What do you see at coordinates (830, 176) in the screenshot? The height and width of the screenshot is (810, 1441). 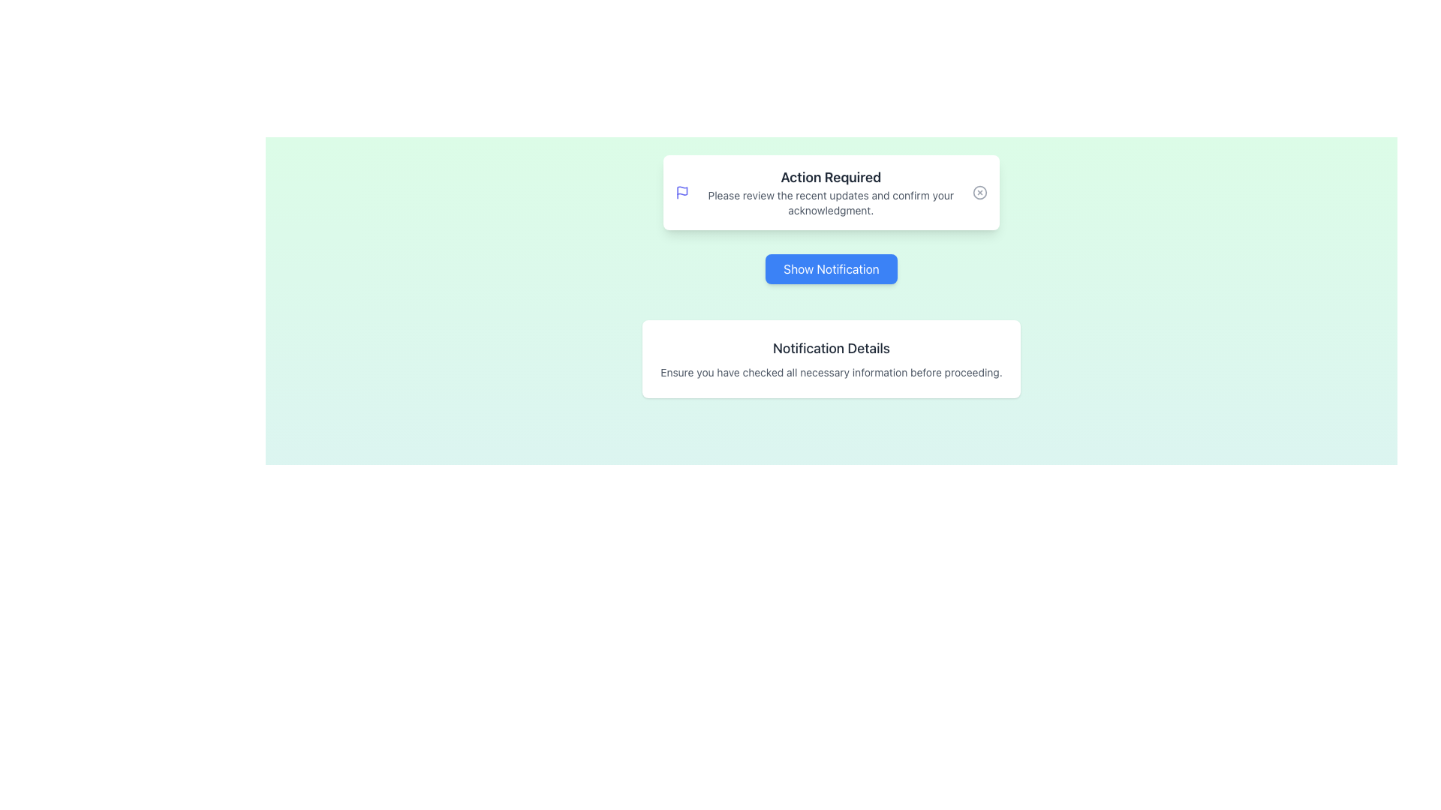 I see `the Heading Text located at the top of the notification panel, which captures the user's attention and is positioned directly above the informational text block` at bounding box center [830, 176].